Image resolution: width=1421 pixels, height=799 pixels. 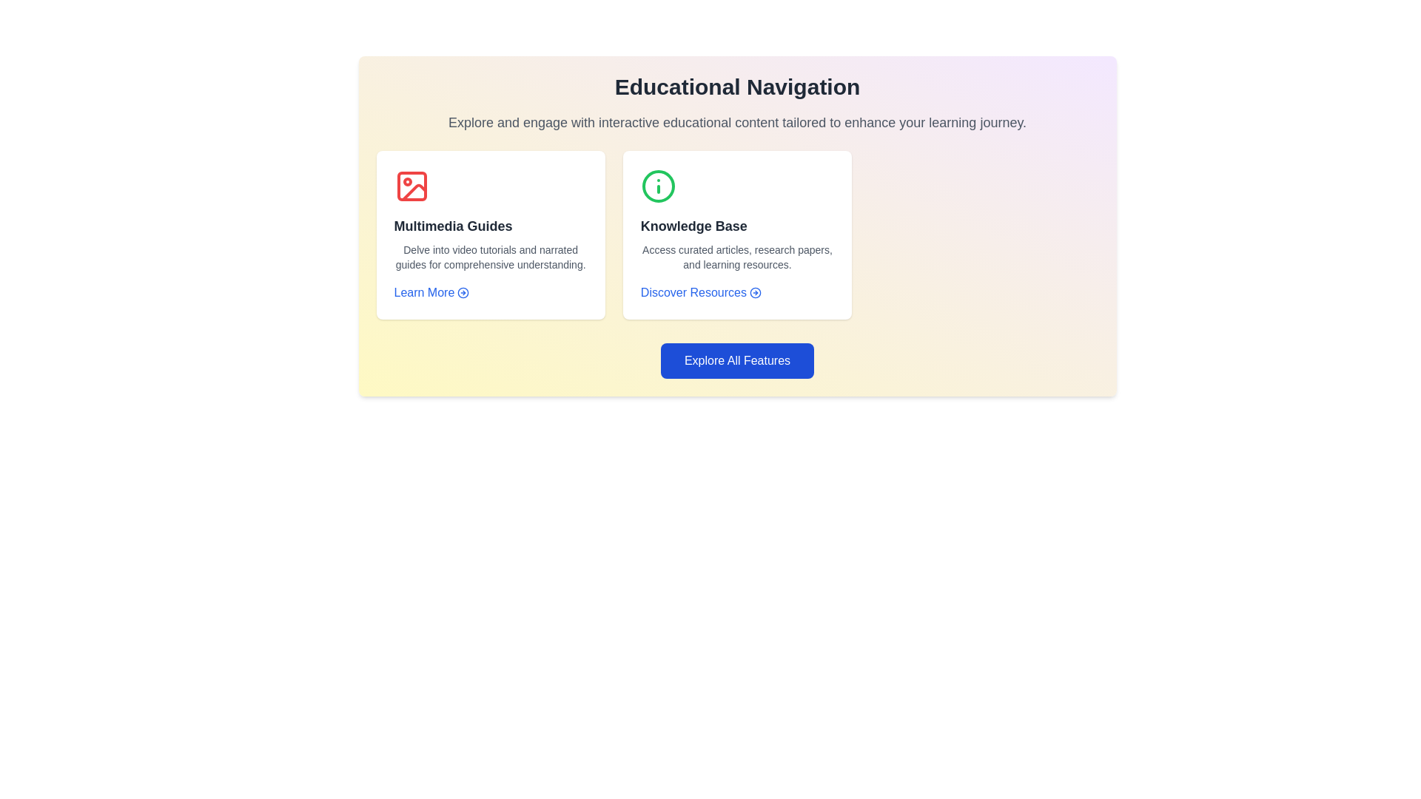 I want to click on the 'Multimedia Guides' icon located in the top-left corner of the content card, which helps users identify the multimedia guides category, so click(x=411, y=185).